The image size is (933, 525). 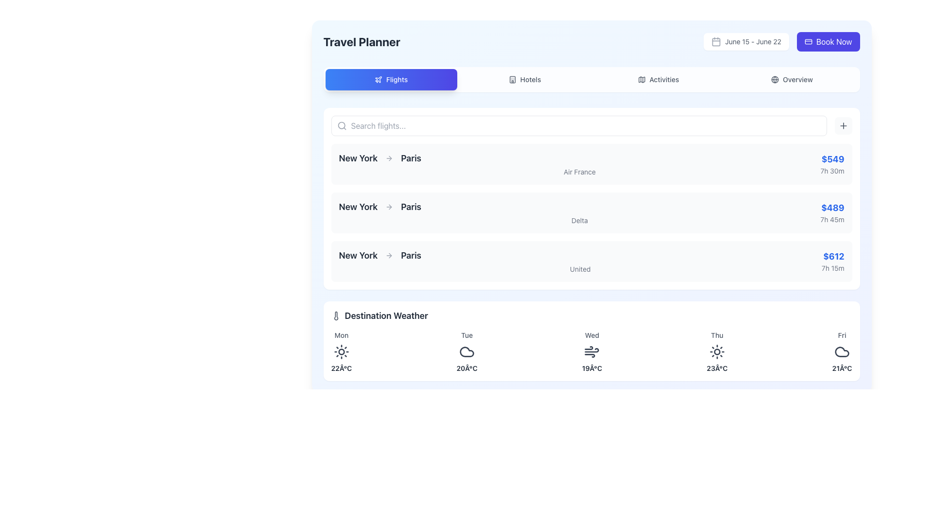 I want to click on the static text label displaying the temperature value of '20Â°C' in the 'Destination Weather' section under the 'Tue' column, positioned below the cloud icon, so click(x=466, y=368).